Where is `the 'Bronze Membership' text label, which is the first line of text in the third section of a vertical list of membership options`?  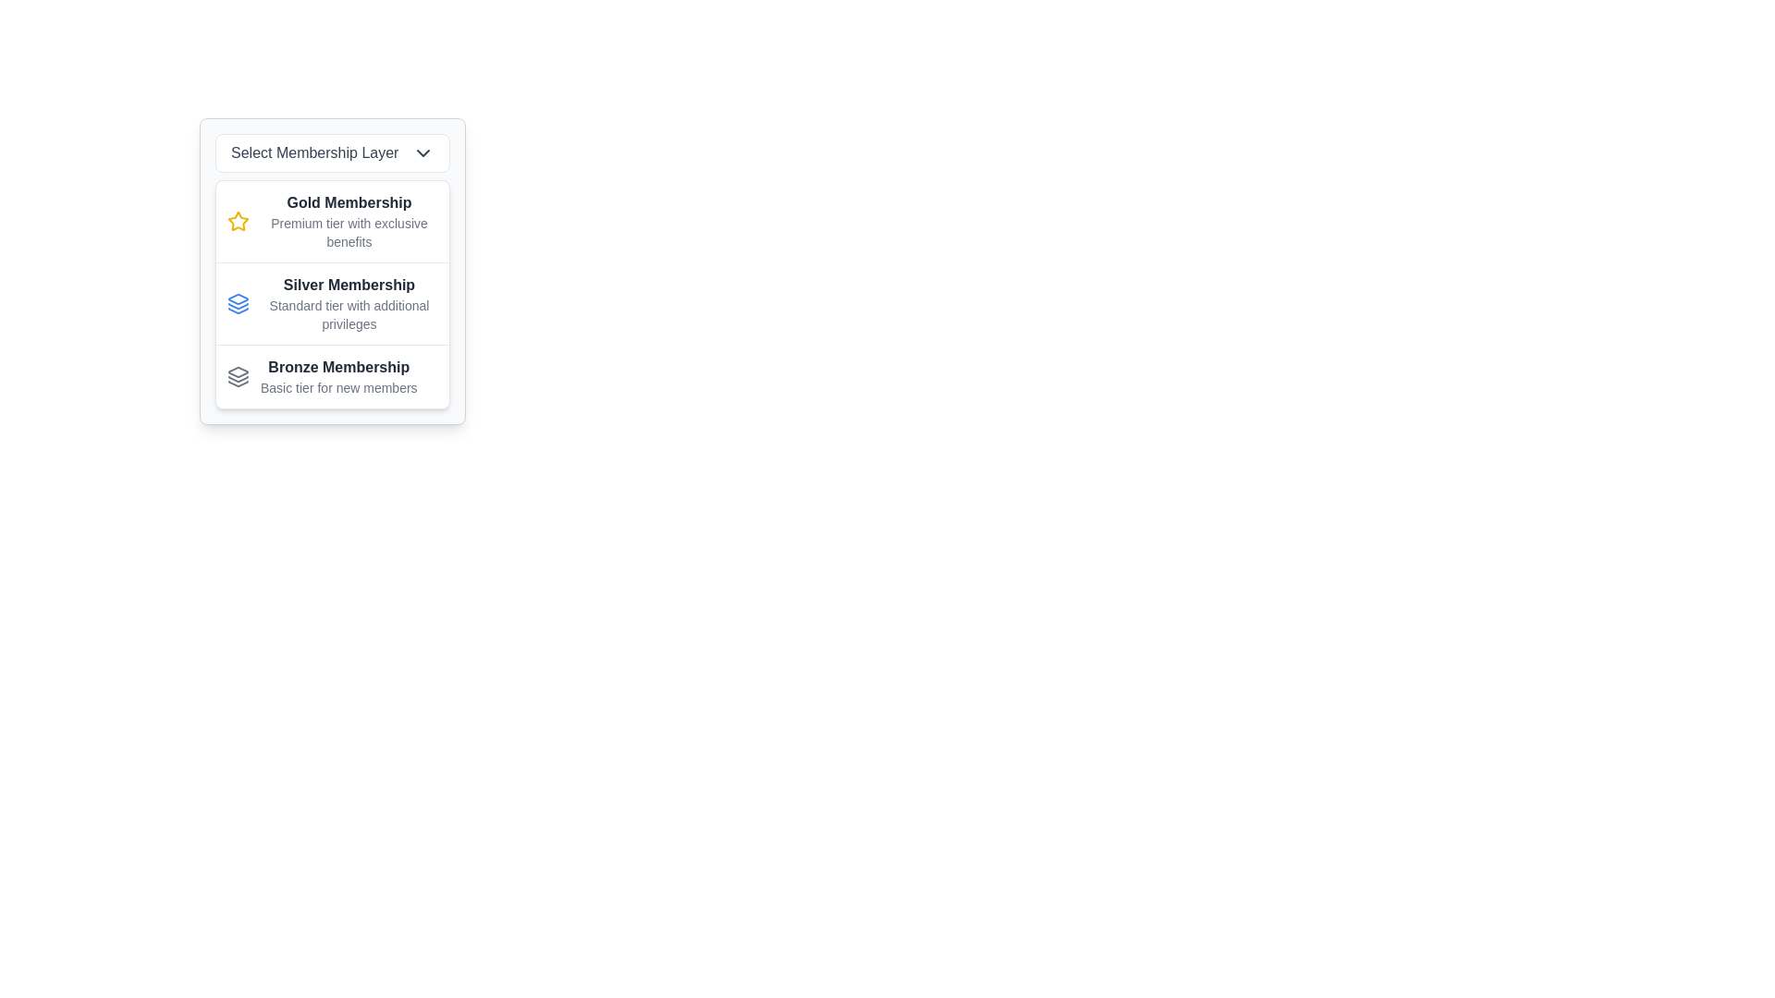
the 'Bronze Membership' text label, which is the first line of text in the third section of a vertical list of membership options is located at coordinates (338, 367).